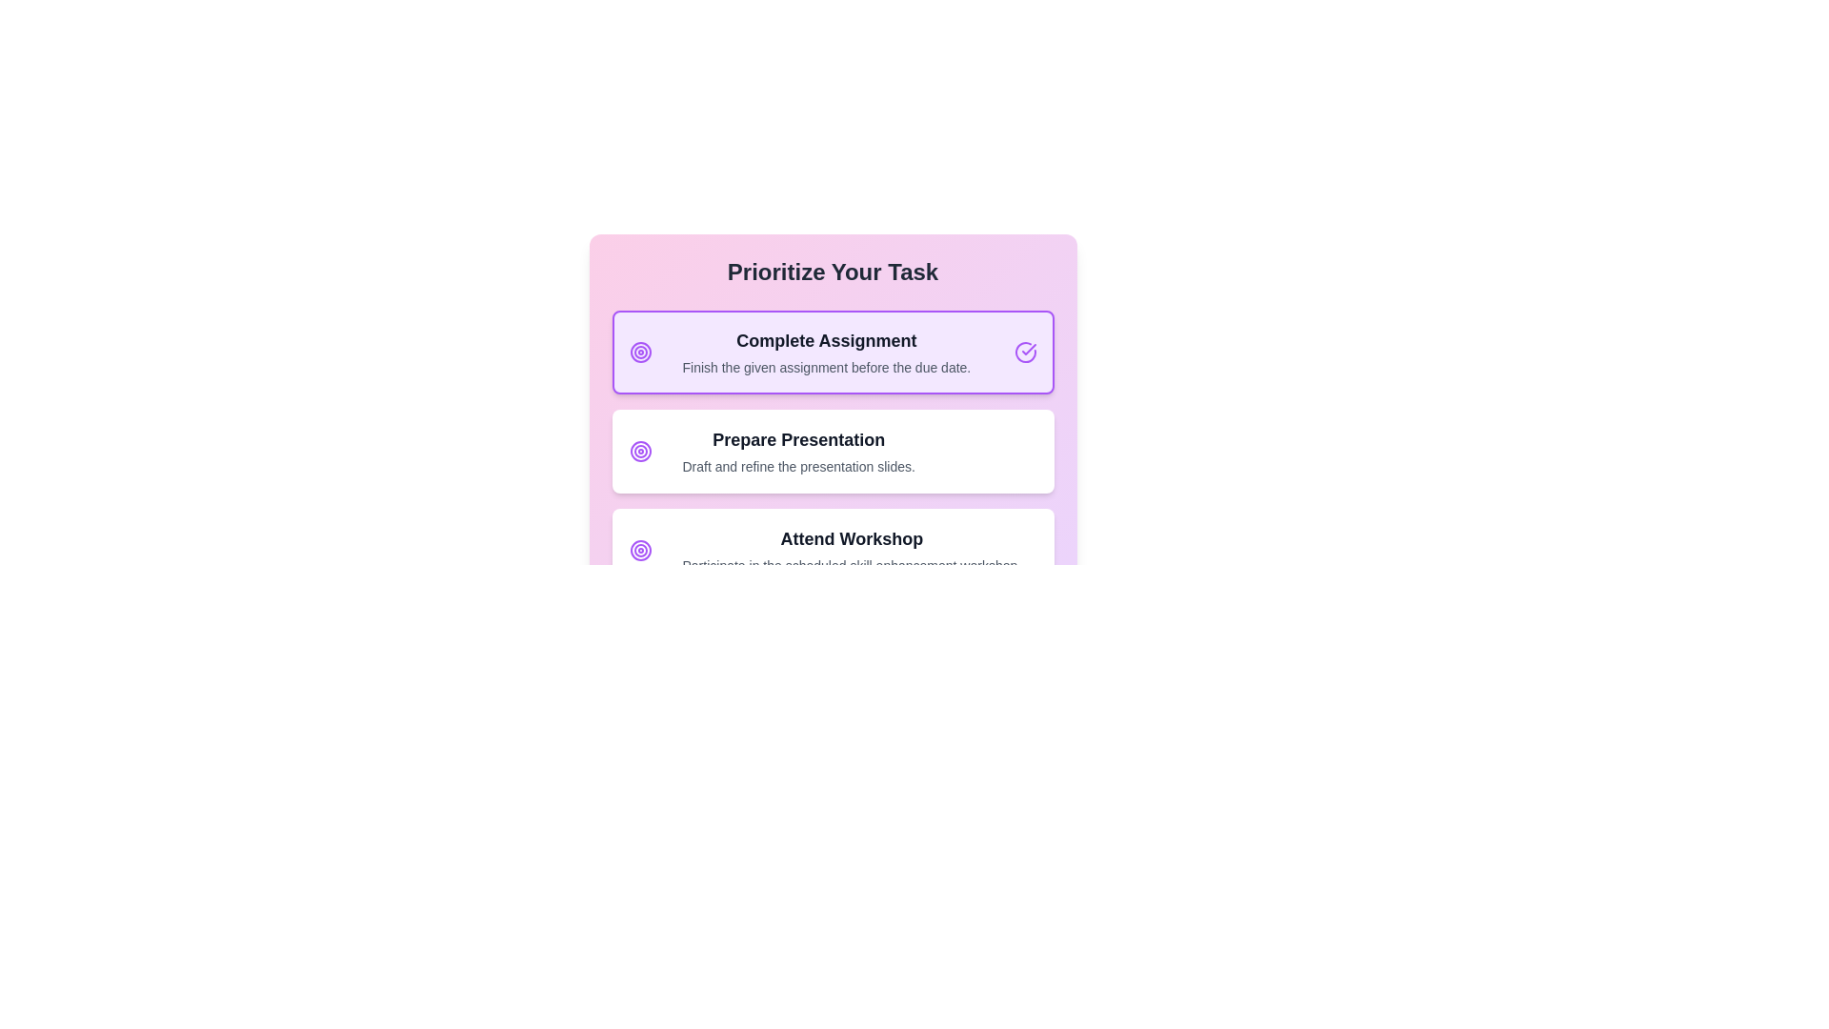 The image size is (1829, 1029). I want to click on the outermost circle of the target icon representing an objective, located to the left of the 'Prepare Presentation' task item under the 'Prioritize Your Task' header, so click(640, 452).